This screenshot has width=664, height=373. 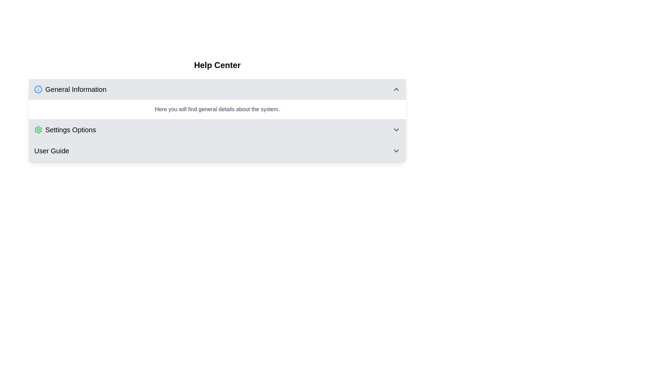 What do you see at coordinates (38, 130) in the screenshot?
I see `the gear-shaped icon with a green border, located next` at bounding box center [38, 130].